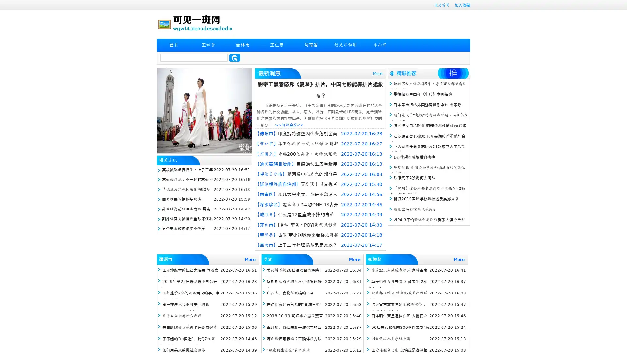 The image size is (627, 353). I want to click on Search, so click(234, 58).